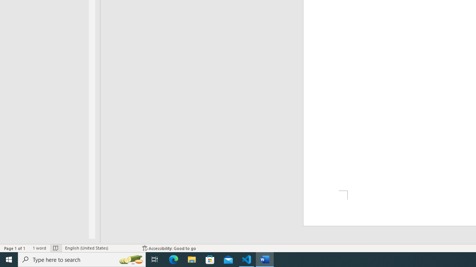 The image size is (476, 267). I want to click on 'Page Number Page 1 of 1', so click(15, 248).